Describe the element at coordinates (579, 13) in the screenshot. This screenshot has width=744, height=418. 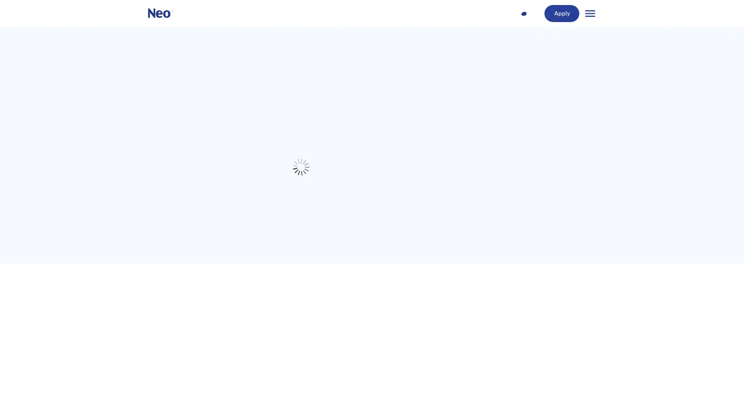
I see `Apply` at that location.